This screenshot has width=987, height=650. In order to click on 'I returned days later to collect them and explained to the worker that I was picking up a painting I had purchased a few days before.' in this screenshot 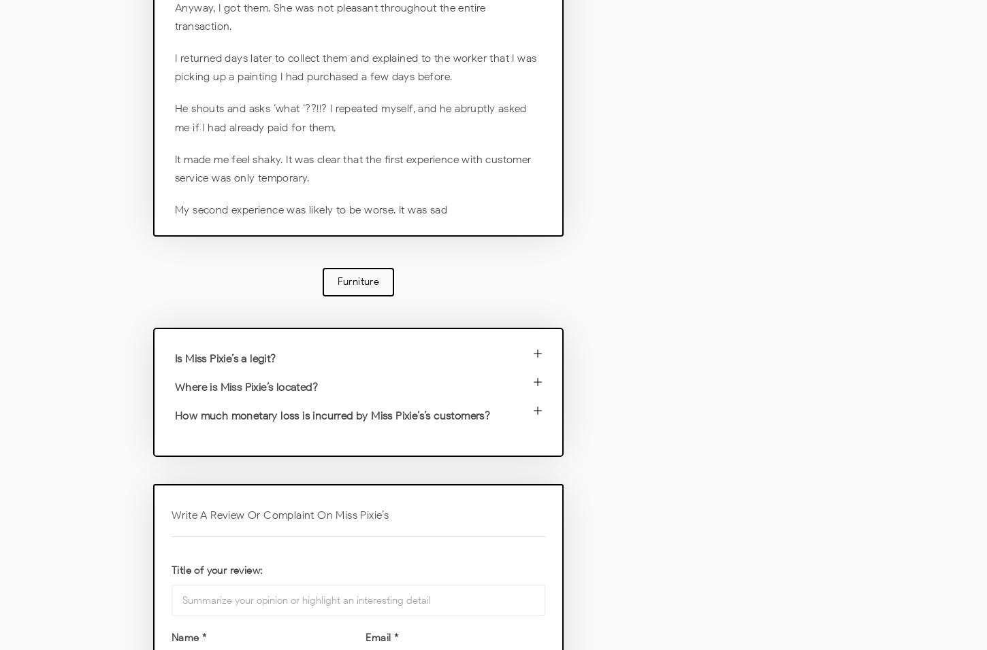, I will do `click(355, 67)`.